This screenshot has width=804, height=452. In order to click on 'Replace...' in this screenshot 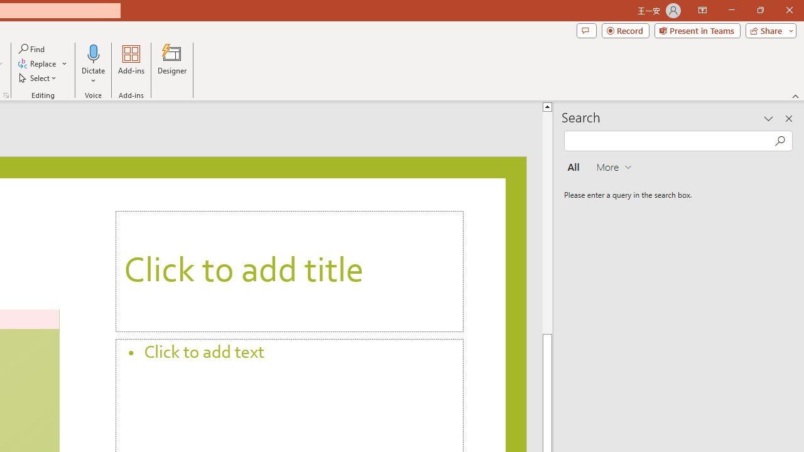, I will do `click(38, 63)`.